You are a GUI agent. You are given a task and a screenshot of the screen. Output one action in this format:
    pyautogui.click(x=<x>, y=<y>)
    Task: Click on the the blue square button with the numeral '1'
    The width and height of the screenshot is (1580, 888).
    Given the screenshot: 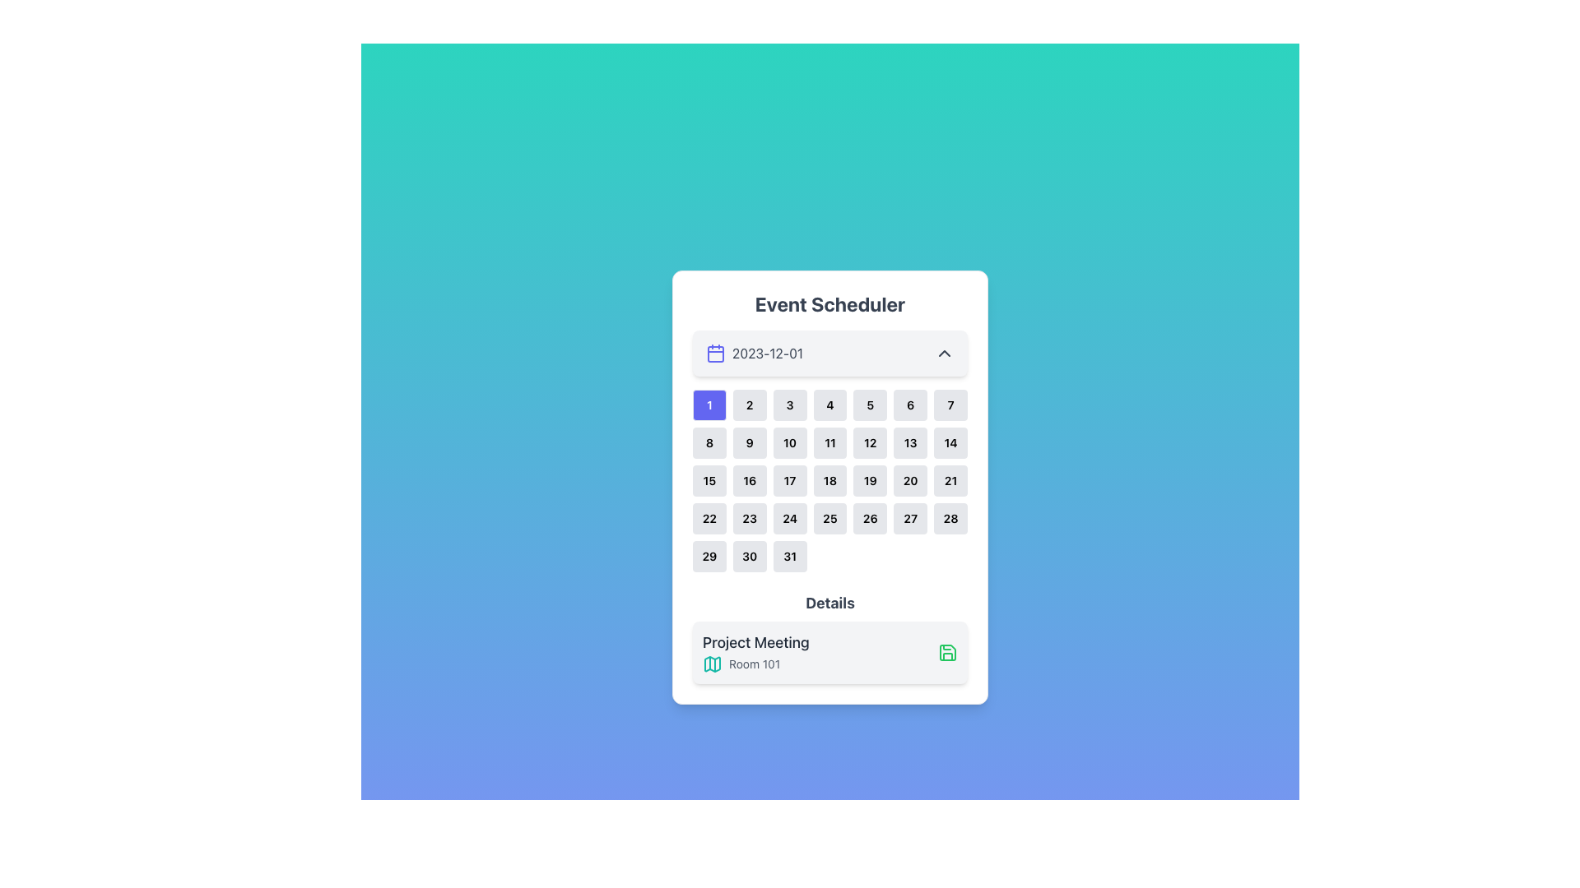 What is the action you would take?
    pyautogui.click(x=709, y=405)
    